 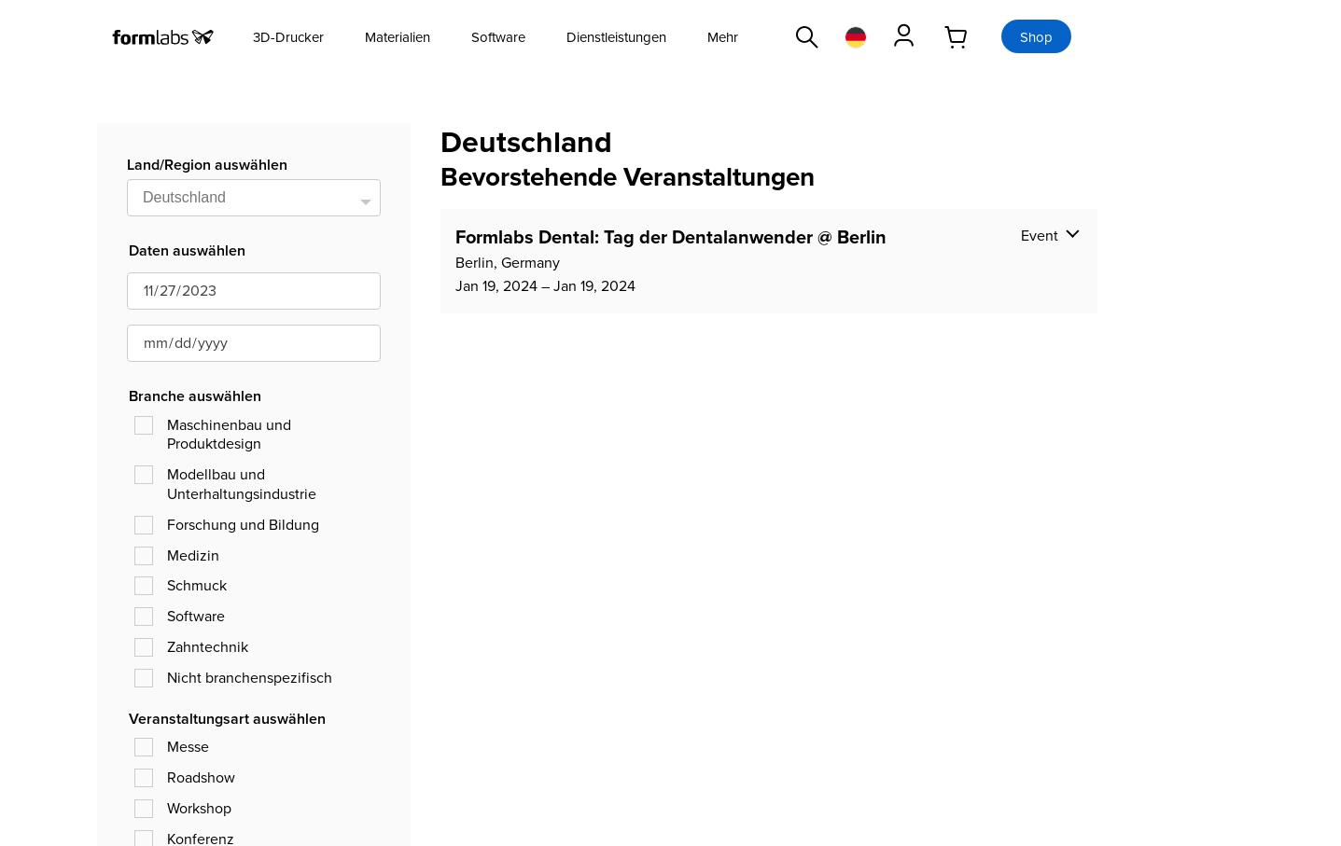 I want to click on '3D-Drucker', so click(x=253, y=35).